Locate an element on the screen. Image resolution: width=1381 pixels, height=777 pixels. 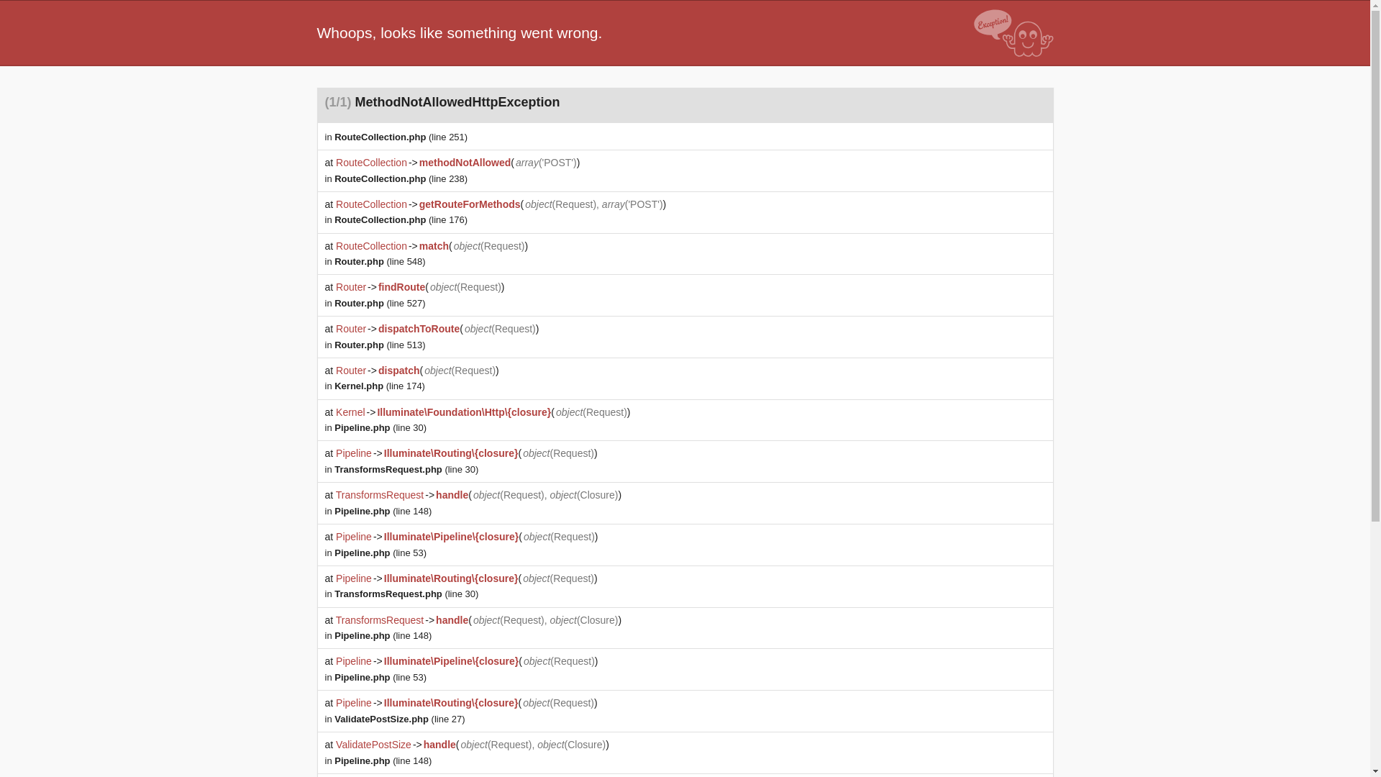
'Router.php (line 527)' is located at coordinates (380, 302).